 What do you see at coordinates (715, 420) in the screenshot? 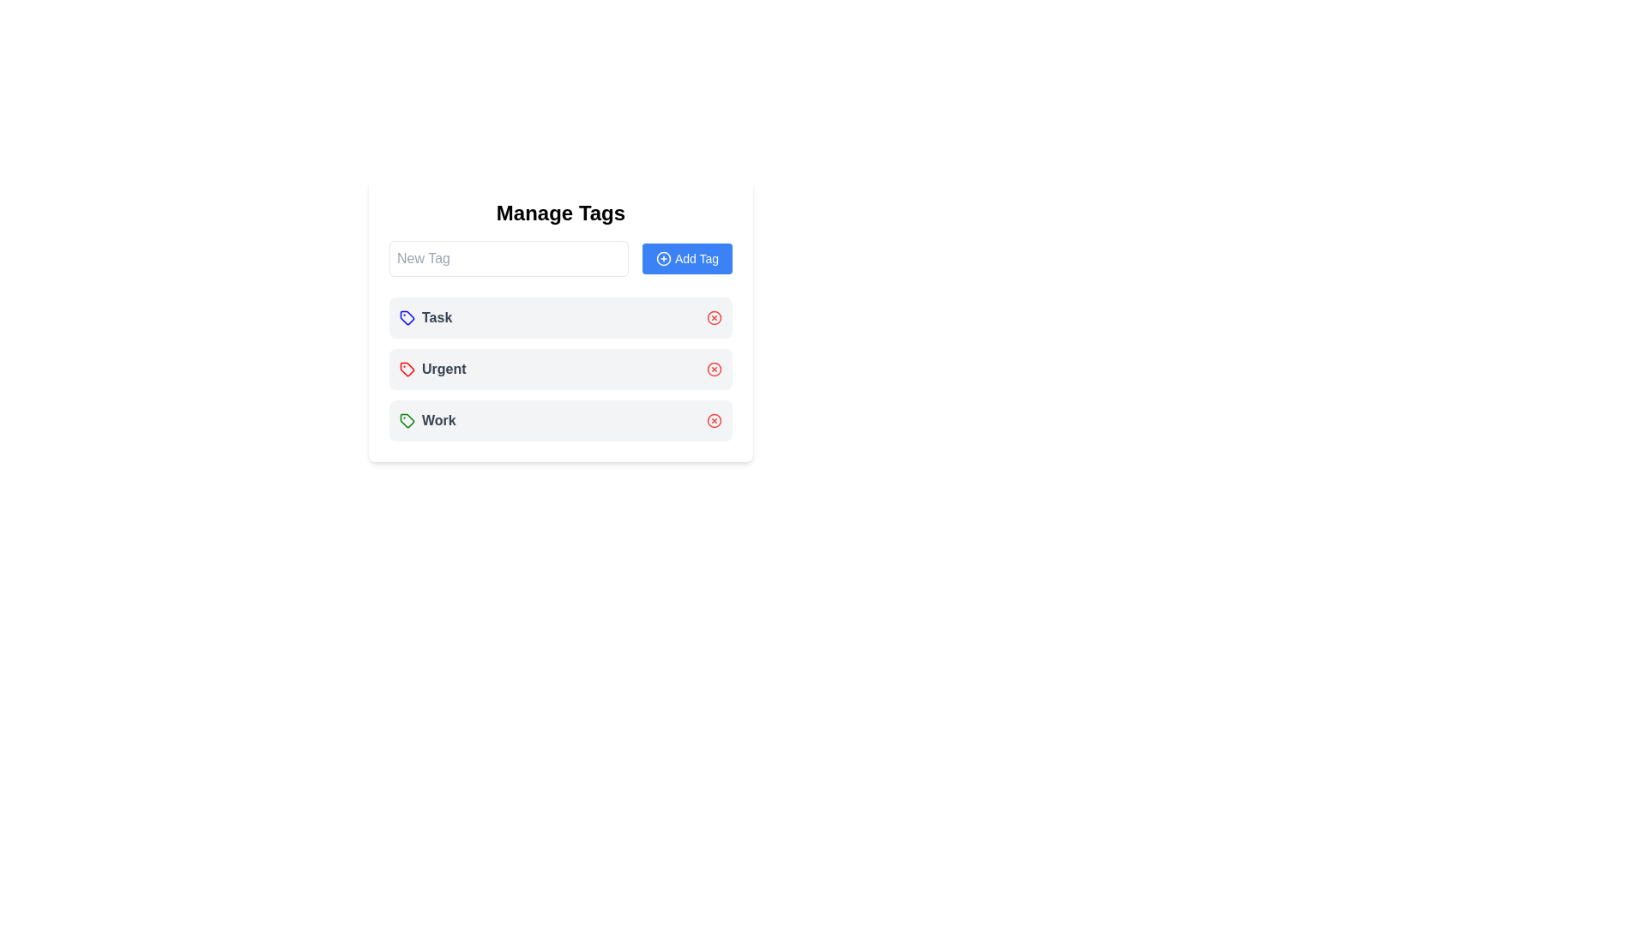
I see `the delete button located at the far right of the 'Work' tag entry in the 'Manage Tags' interface` at bounding box center [715, 420].